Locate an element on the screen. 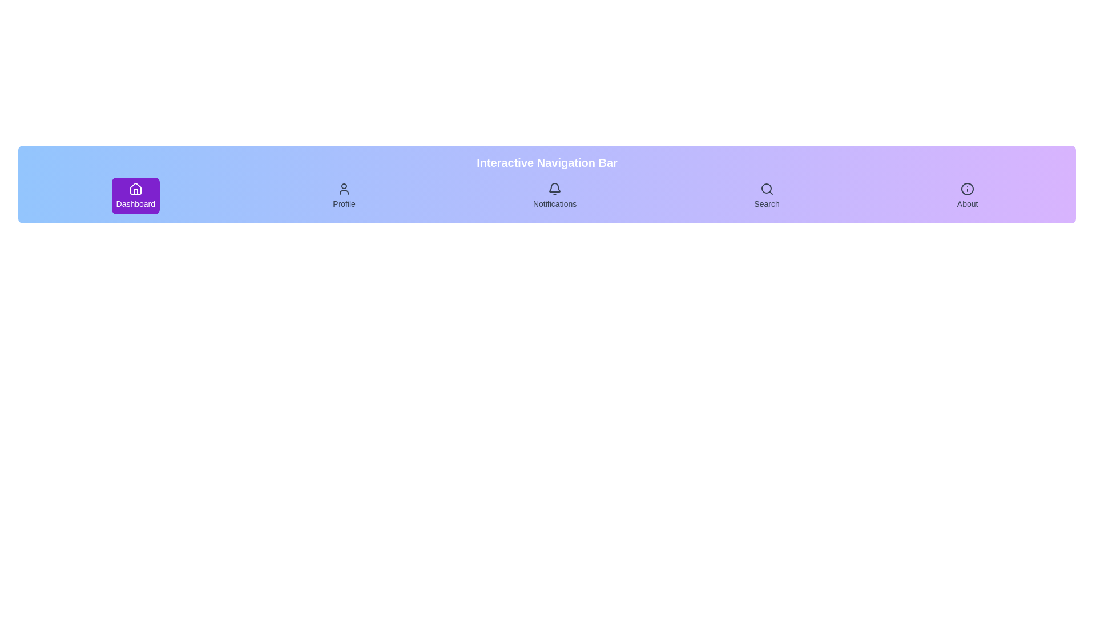 Image resolution: width=1096 pixels, height=617 pixels. the navigation item labeled About to activate it is located at coordinates (967, 195).